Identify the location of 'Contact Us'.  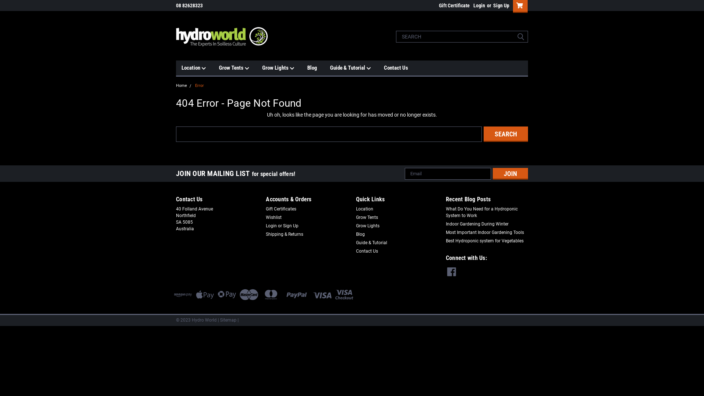
(366, 251).